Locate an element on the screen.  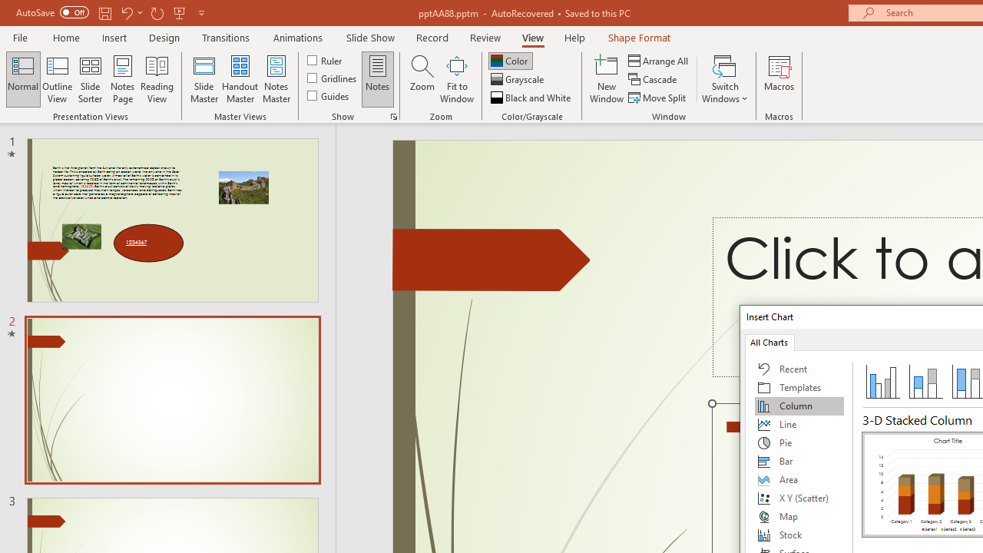
'Arrange All' is located at coordinates (659, 60).